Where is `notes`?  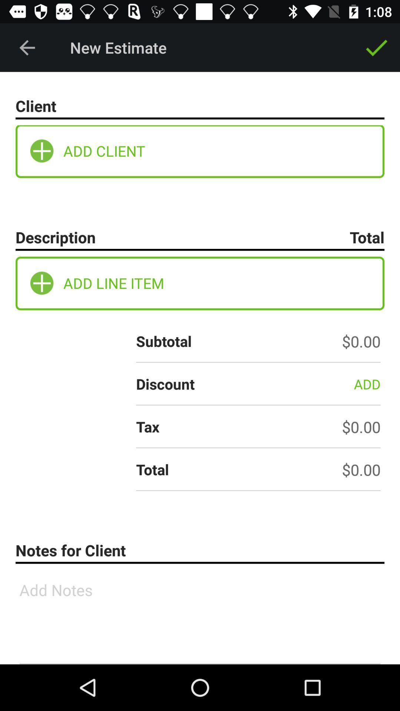 notes is located at coordinates (200, 617).